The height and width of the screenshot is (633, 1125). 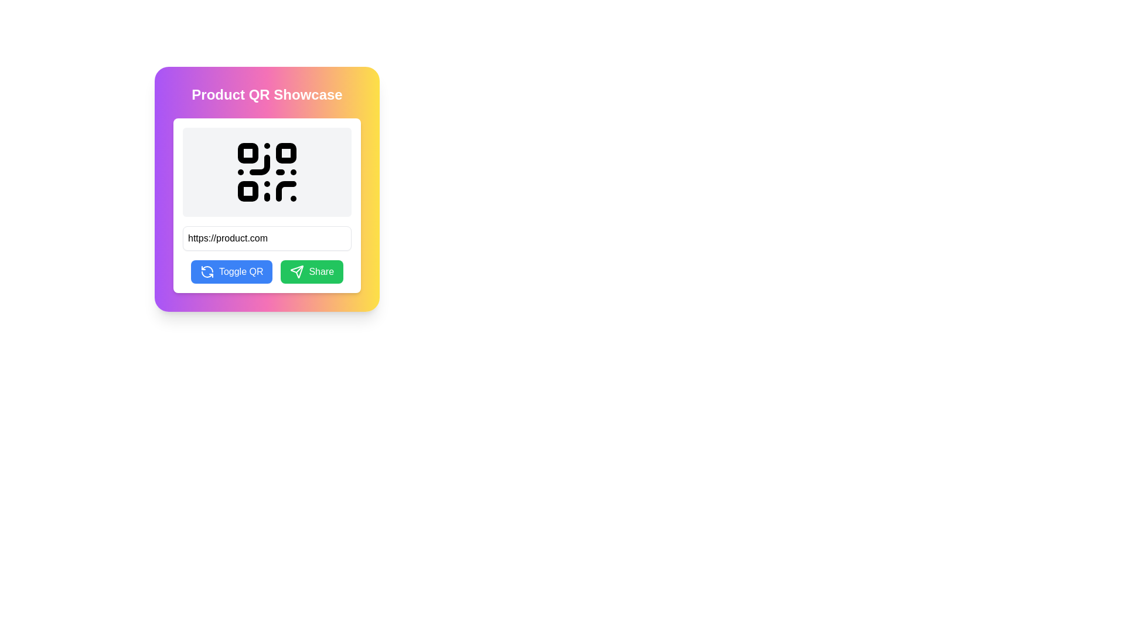 What do you see at coordinates (231, 271) in the screenshot?
I see `the rectangular button labeled 'Toggle QR' with a blue background and white text to change its background color` at bounding box center [231, 271].